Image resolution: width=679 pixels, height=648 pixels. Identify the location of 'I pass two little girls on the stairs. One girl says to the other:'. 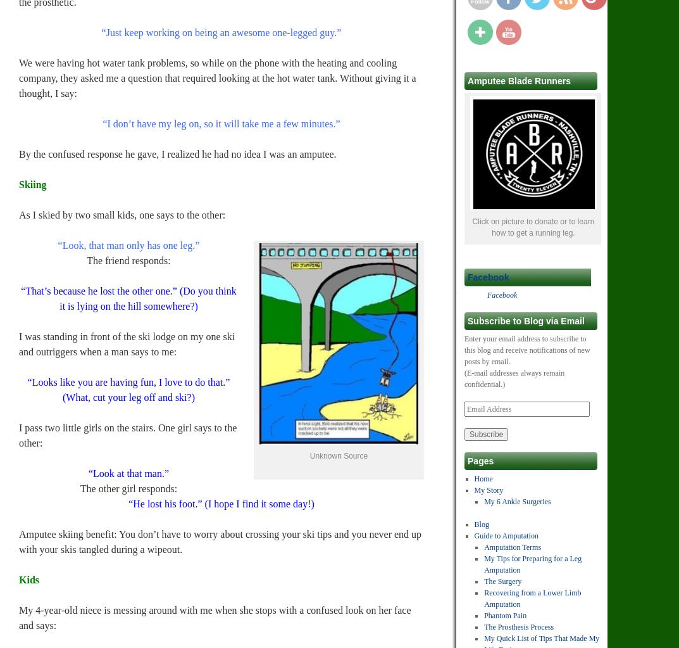
(128, 435).